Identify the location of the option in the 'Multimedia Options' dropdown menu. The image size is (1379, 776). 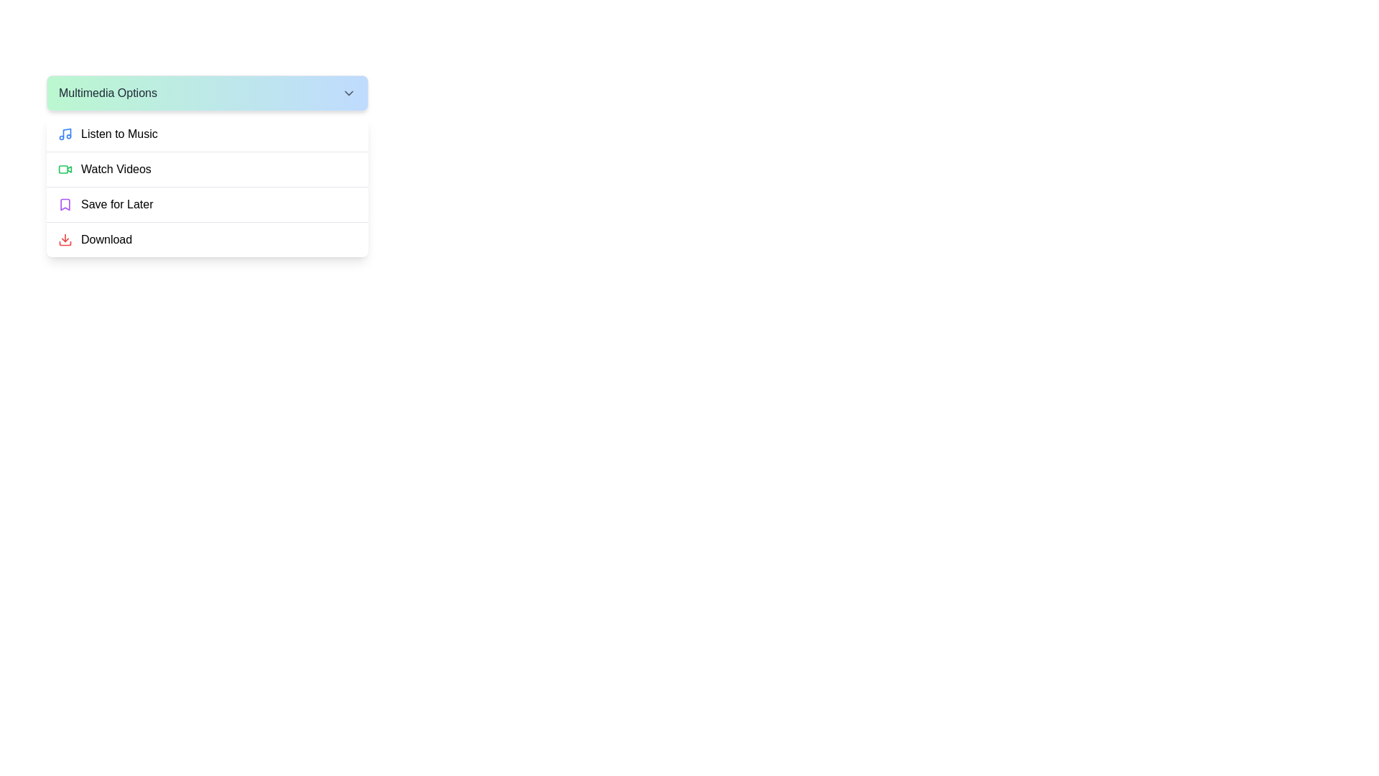
(206, 185).